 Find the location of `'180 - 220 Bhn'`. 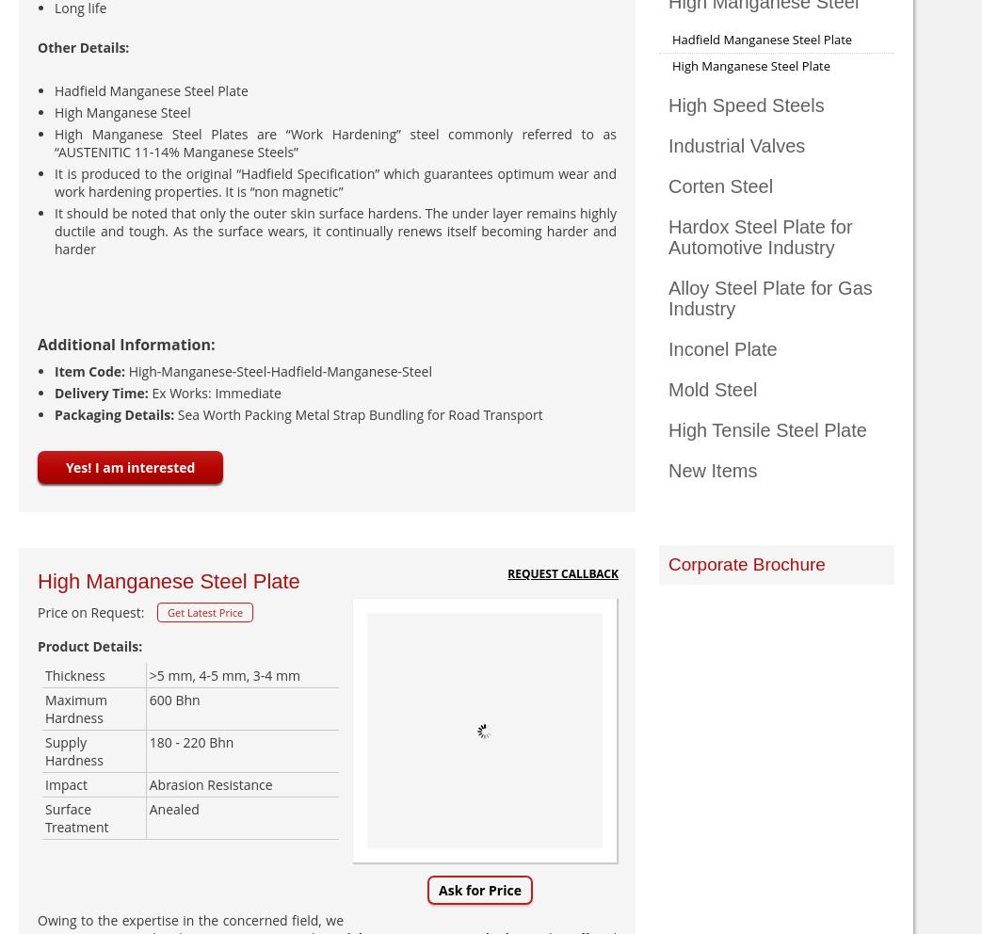

'180 - 220 Bhn' is located at coordinates (189, 742).